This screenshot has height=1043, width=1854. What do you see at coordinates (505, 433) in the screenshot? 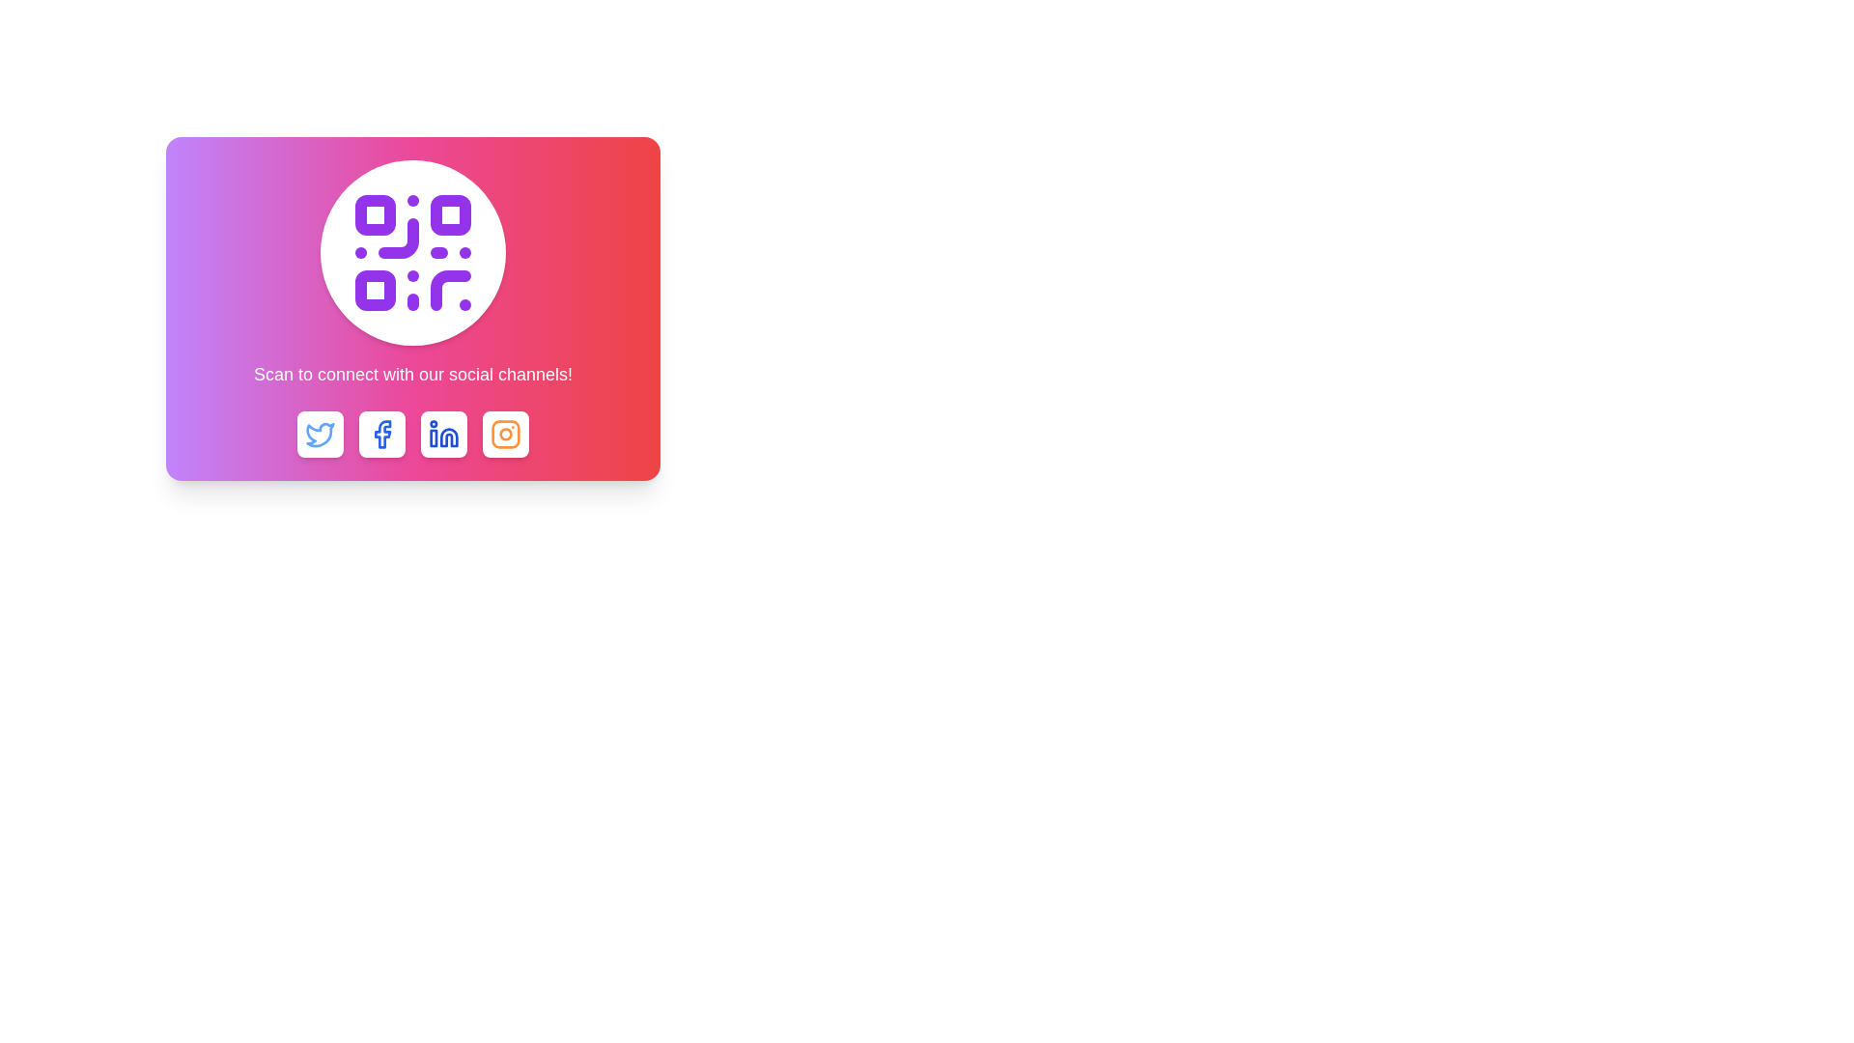
I see `the circular pattern inside the orange Instagram logo, which is located to the far right among a row of social media icons` at bounding box center [505, 433].